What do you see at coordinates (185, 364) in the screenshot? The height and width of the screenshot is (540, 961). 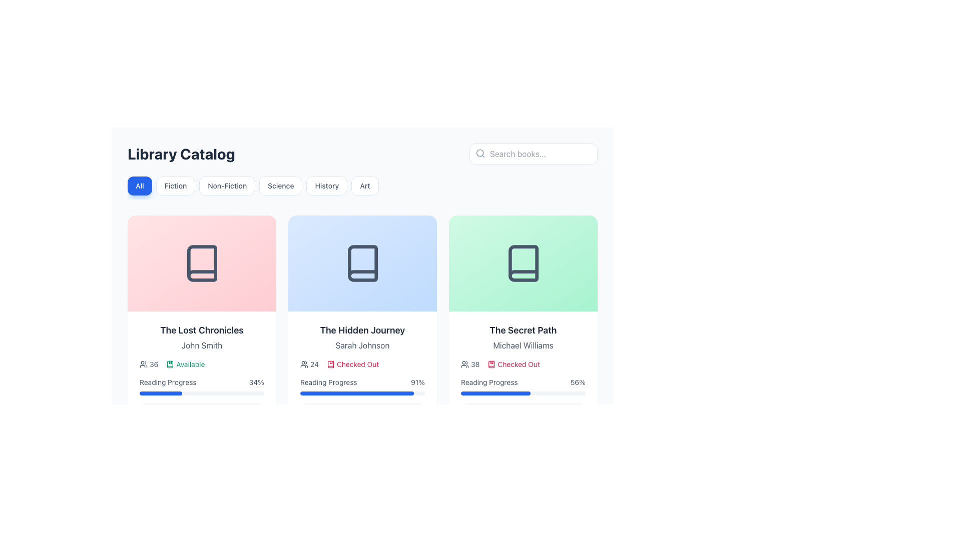 I see `text 'Available' displayed in green next to the book icon within the first book item card 'The Lost Chronicles'` at bounding box center [185, 364].